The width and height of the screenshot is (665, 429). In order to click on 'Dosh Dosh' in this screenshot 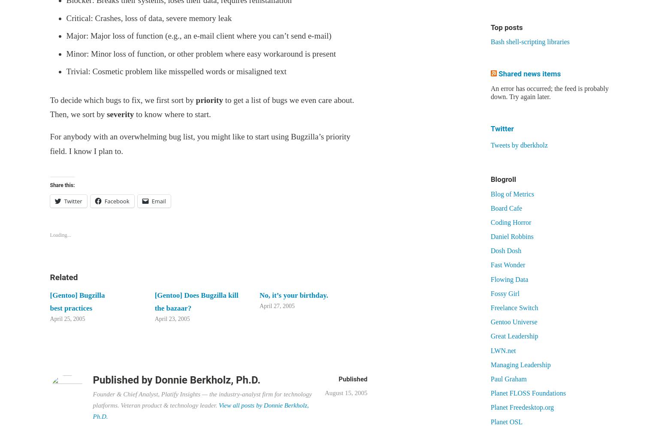, I will do `click(505, 250)`.